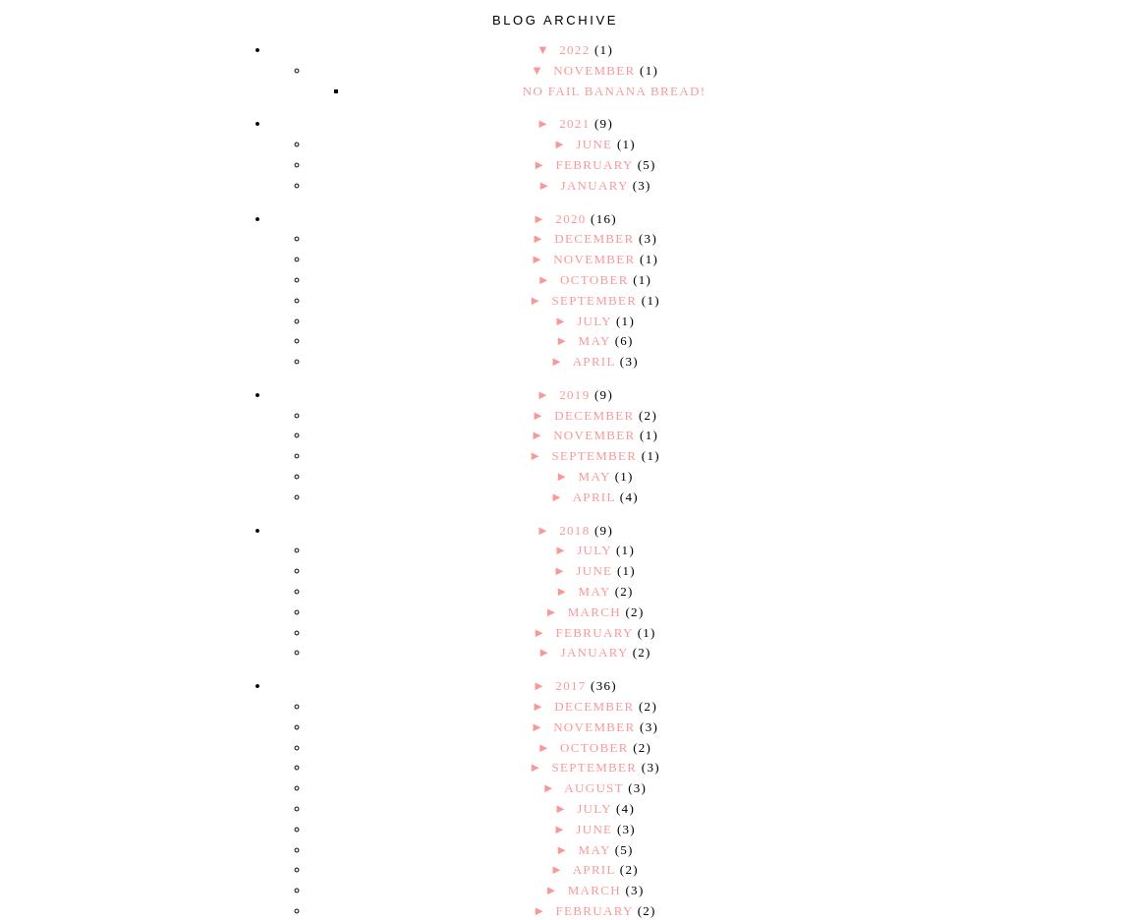 This screenshot has height=920, width=1130. I want to click on 'No Fail Banana Bread!', so click(521, 88).